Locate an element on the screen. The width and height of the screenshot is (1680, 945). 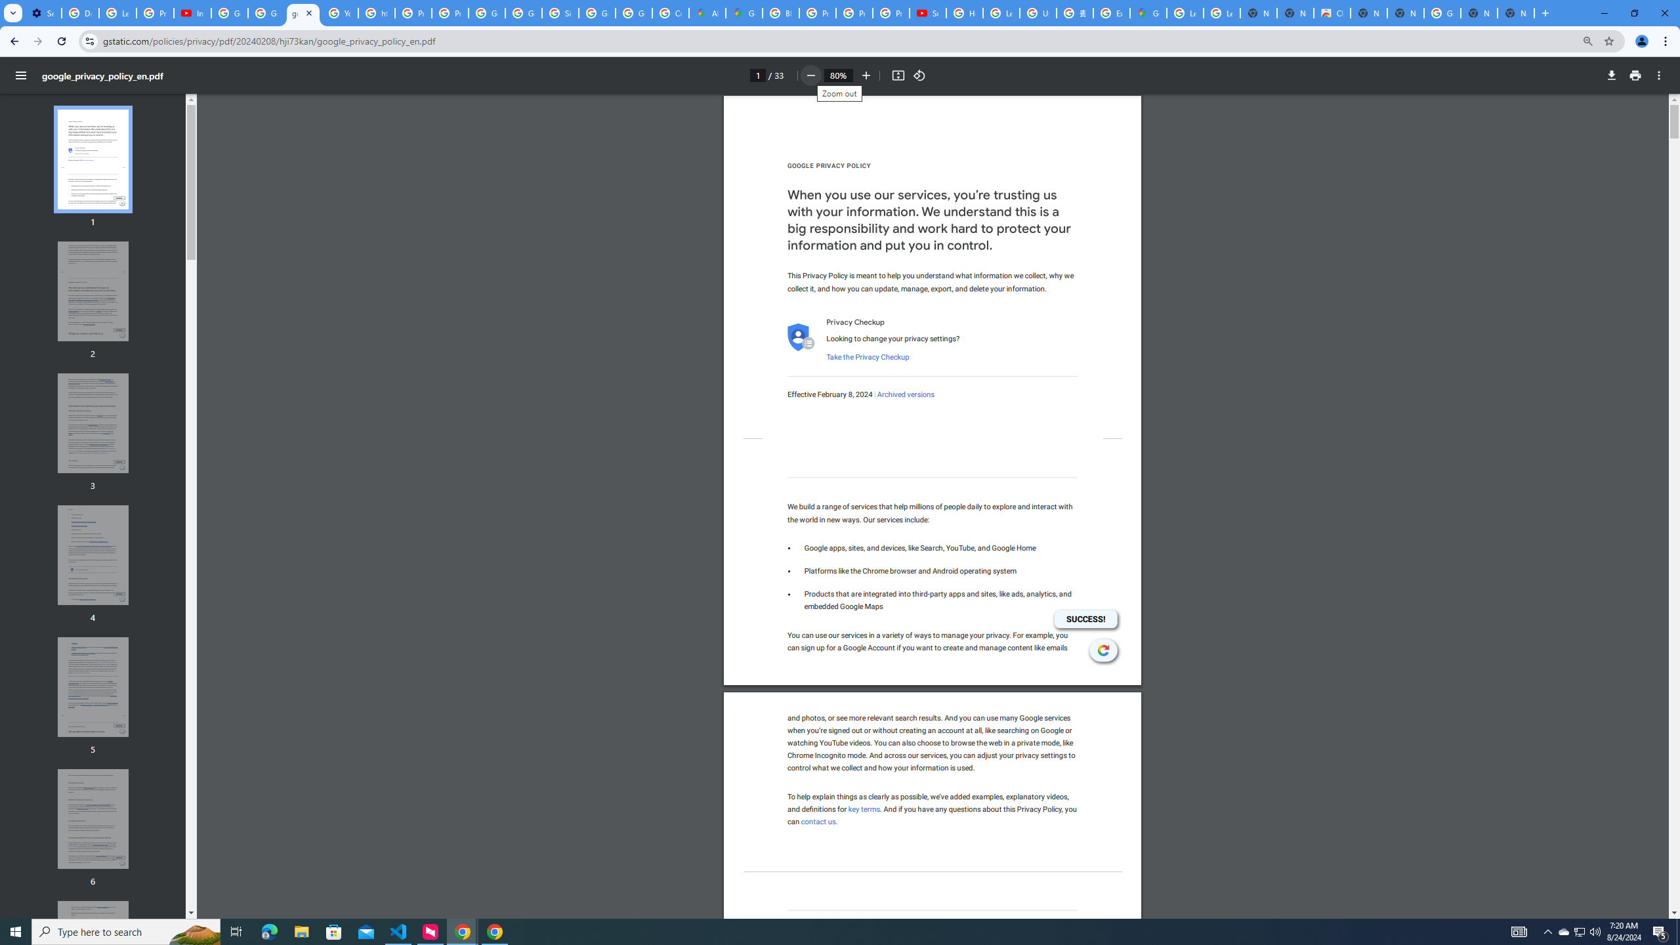
'Privacy Help Center - Policies Help' is located at coordinates (414, 12).